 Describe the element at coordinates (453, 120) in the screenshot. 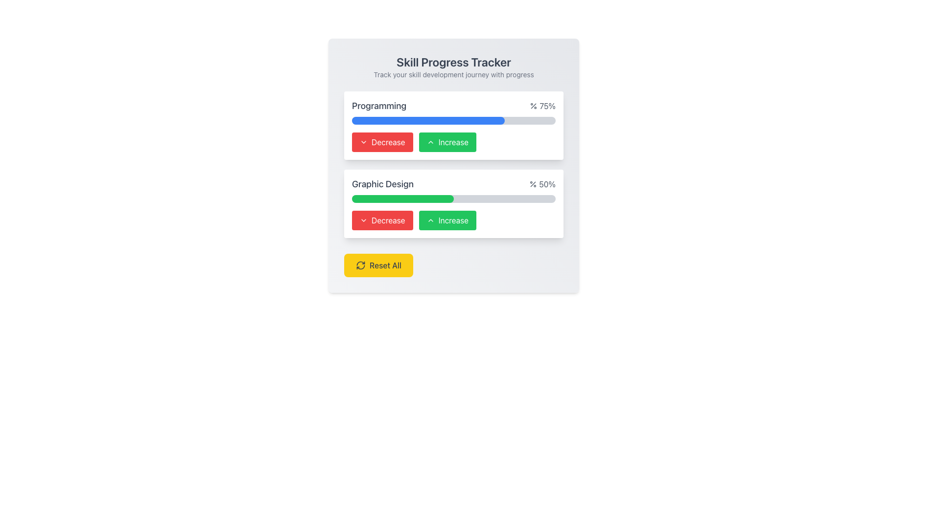

I see `the horizontal progress bar with a light gray background and a blue fill, located within the 'Programming' card, which shows '75%' on the same line above the action buttons` at that location.